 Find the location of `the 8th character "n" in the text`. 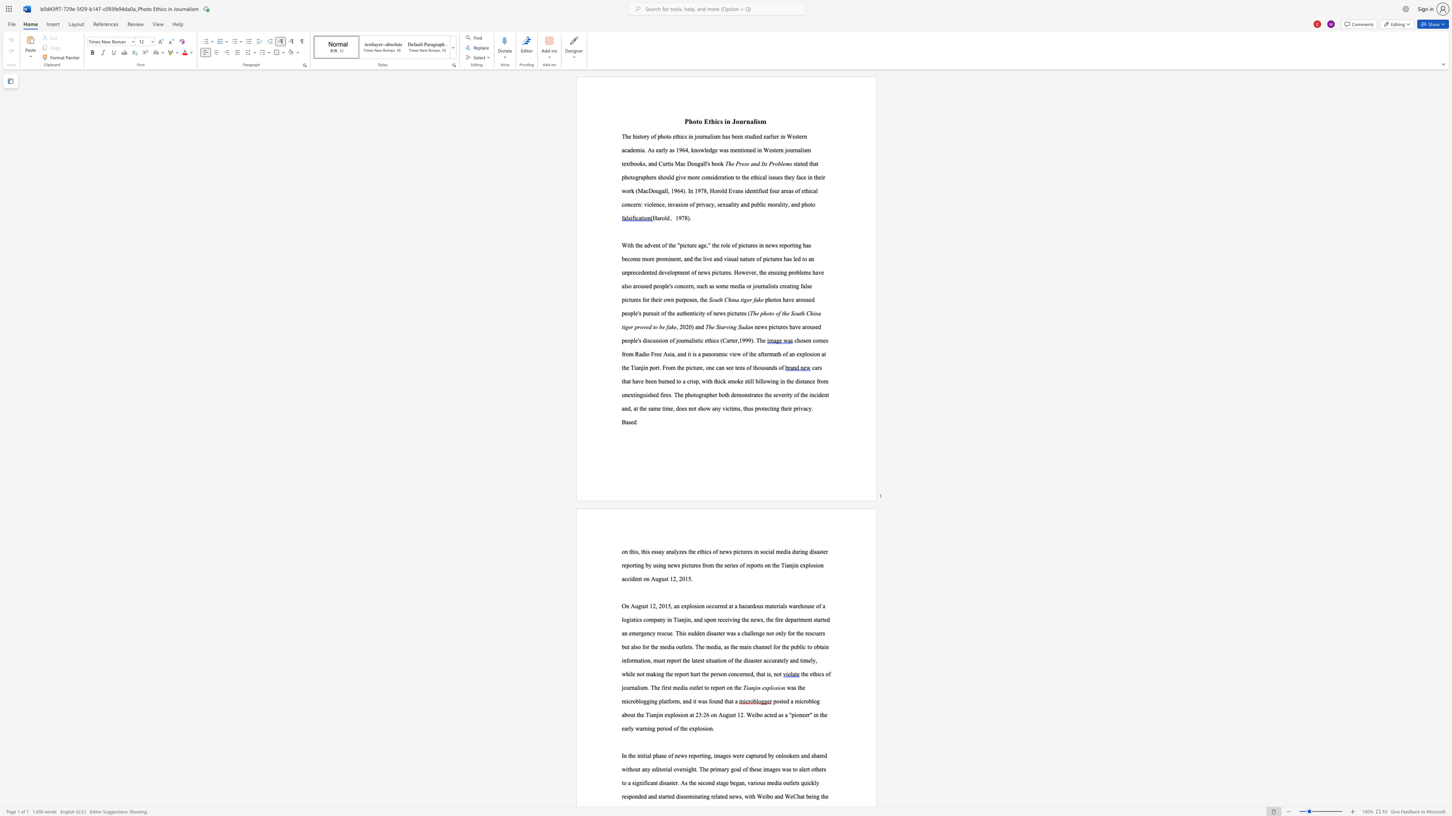

the 8th character "n" in the text is located at coordinates (717, 258).